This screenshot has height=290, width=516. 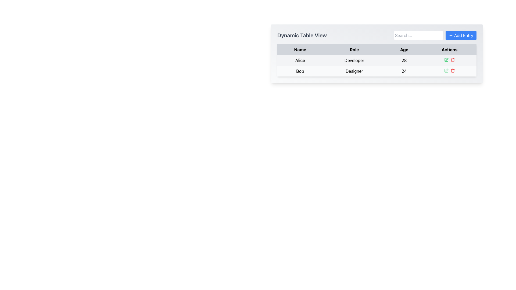 What do you see at coordinates (449, 71) in the screenshot?
I see `the green edit icon in the composite action control for the entry 'Bob', role 'Designer', age '24'` at bounding box center [449, 71].